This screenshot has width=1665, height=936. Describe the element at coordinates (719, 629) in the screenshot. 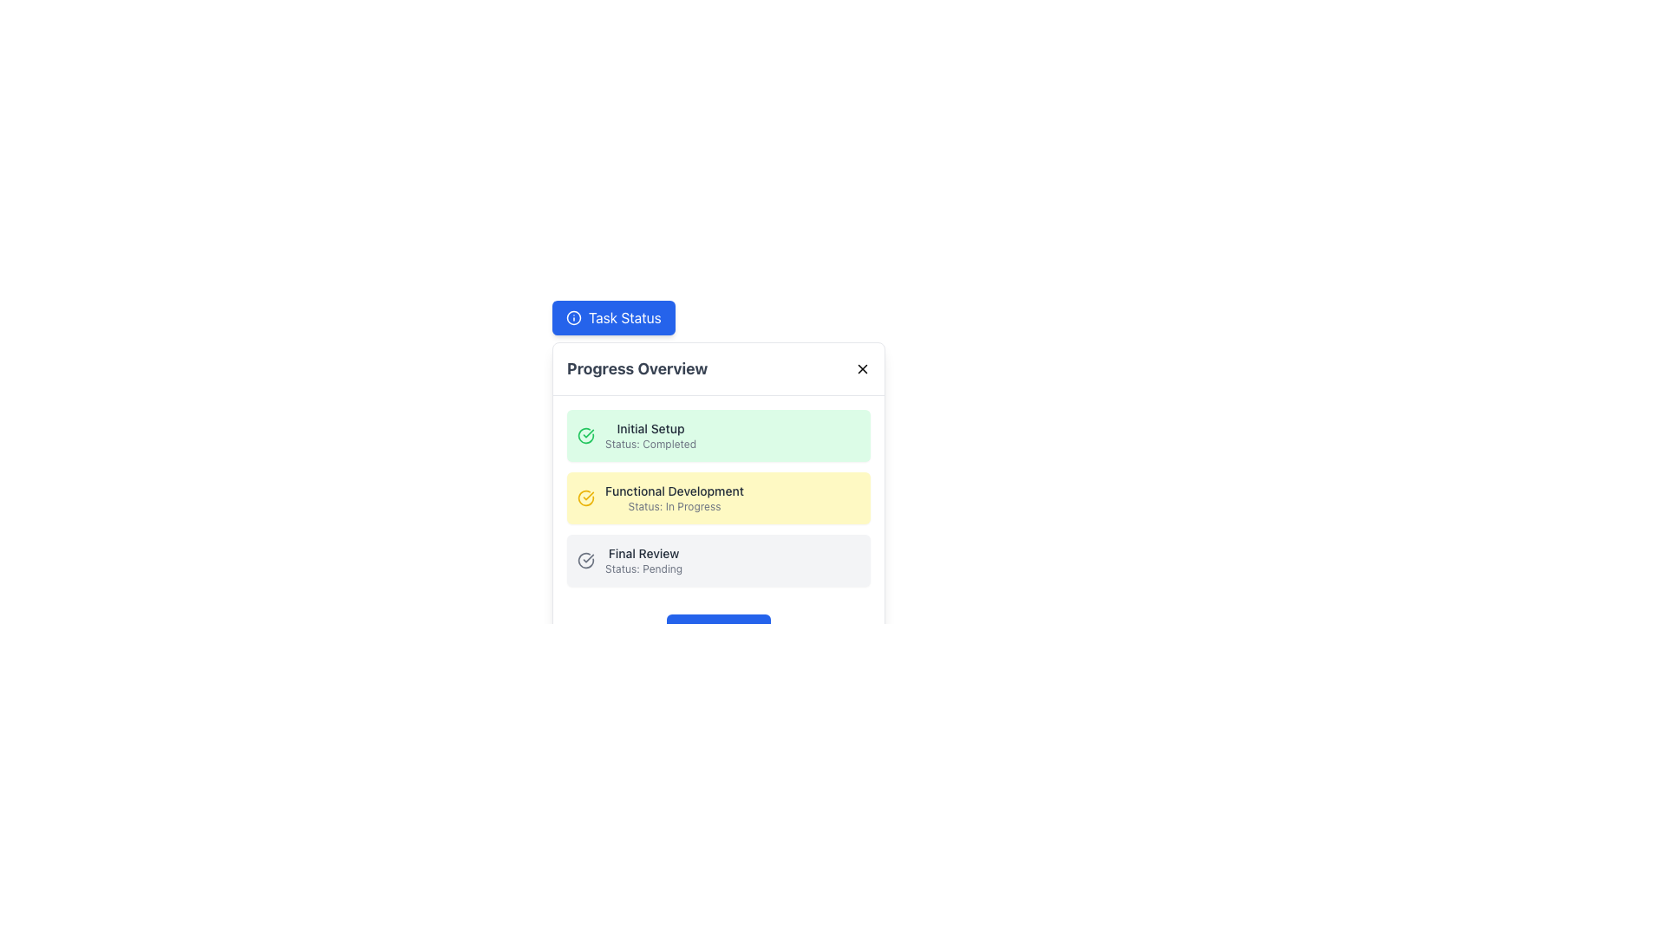

I see `the 'View Details' button, which is a rectangular button with white text on a blue background, located at the bottom of the 'Progress Overview' dialog` at that location.